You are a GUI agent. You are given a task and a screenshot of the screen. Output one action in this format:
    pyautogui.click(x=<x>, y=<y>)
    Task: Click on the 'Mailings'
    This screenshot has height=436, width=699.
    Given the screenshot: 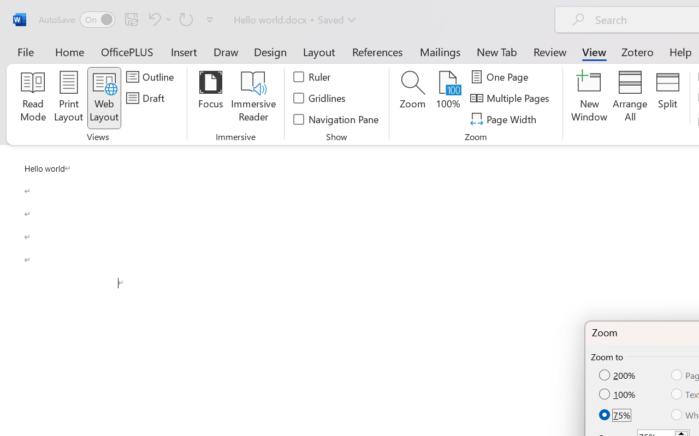 What is the action you would take?
    pyautogui.click(x=440, y=51)
    